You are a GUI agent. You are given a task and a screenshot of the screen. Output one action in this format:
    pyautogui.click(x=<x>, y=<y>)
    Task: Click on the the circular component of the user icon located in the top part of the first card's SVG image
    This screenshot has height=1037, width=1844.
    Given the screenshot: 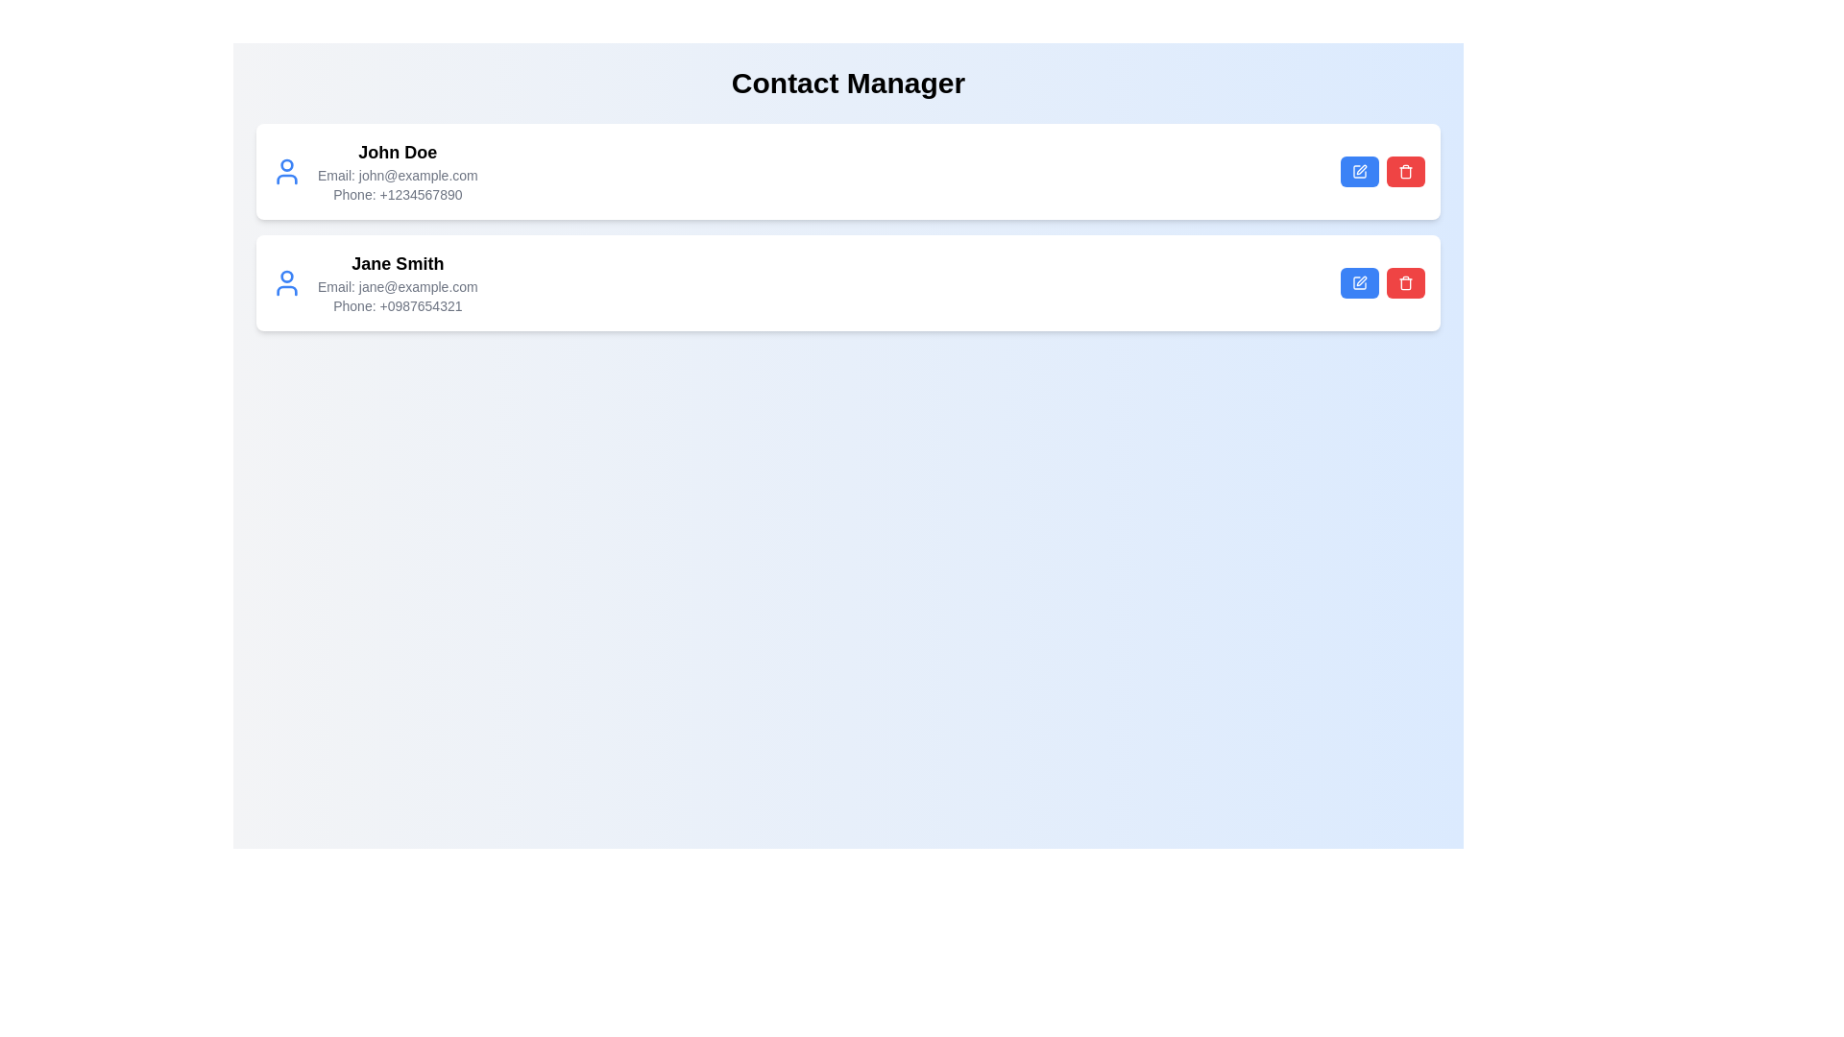 What is the action you would take?
    pyautogui.click(x=285, y=164)
    